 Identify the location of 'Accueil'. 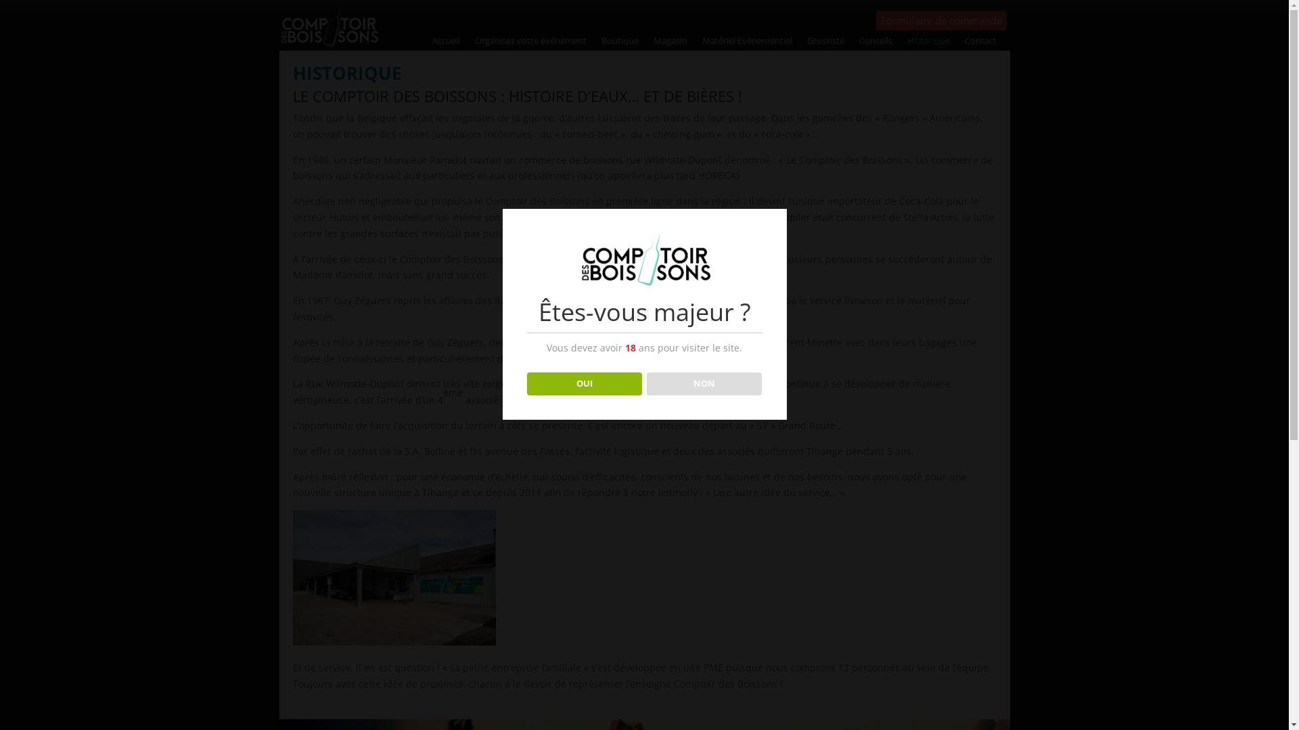
(446, 43).